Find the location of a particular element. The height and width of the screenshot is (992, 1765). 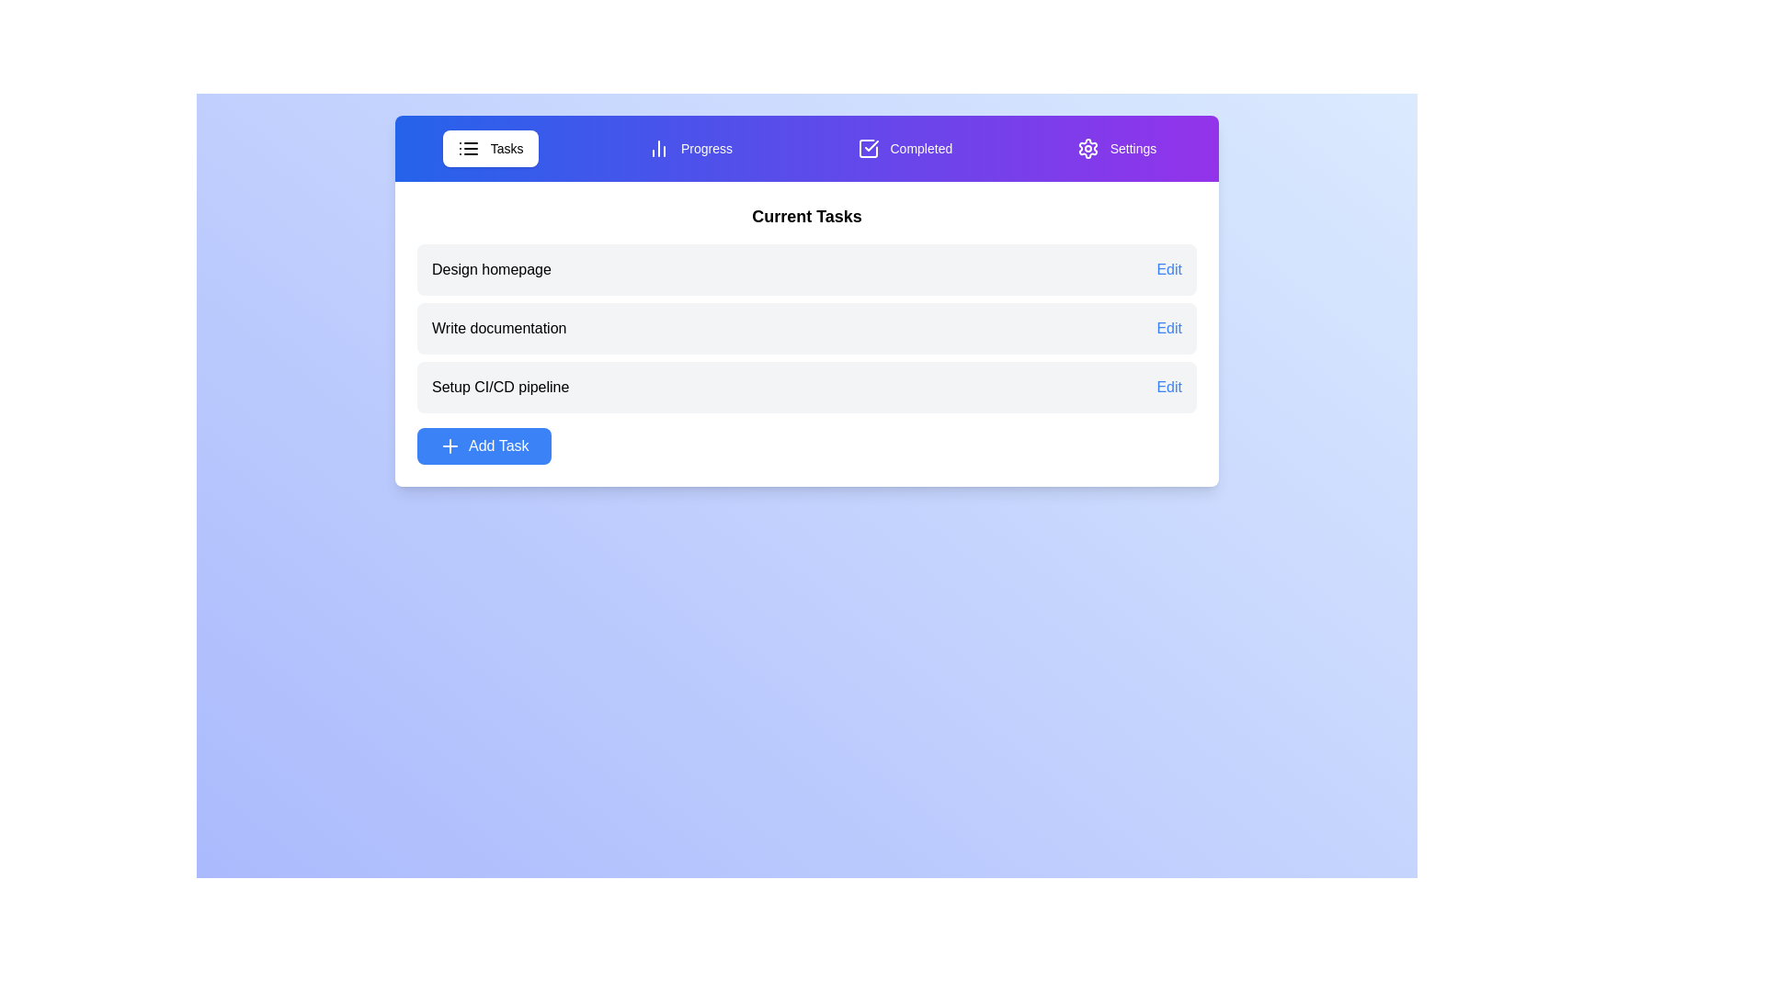

the gear-shaped icon button located in the navigation bar is located at coordinates (1087, 148).